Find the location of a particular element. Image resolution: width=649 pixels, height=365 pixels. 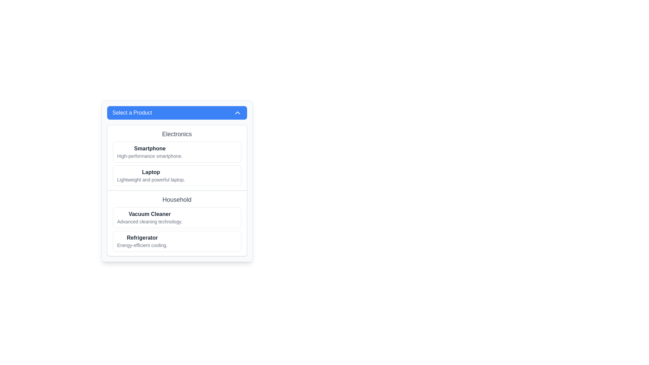

text content of the Text block that includes 'Laptop' and 'Lightweight and powerful laptop.' located in the Electronics category, specifically the second item in the list is located at coordinates (150, 175).